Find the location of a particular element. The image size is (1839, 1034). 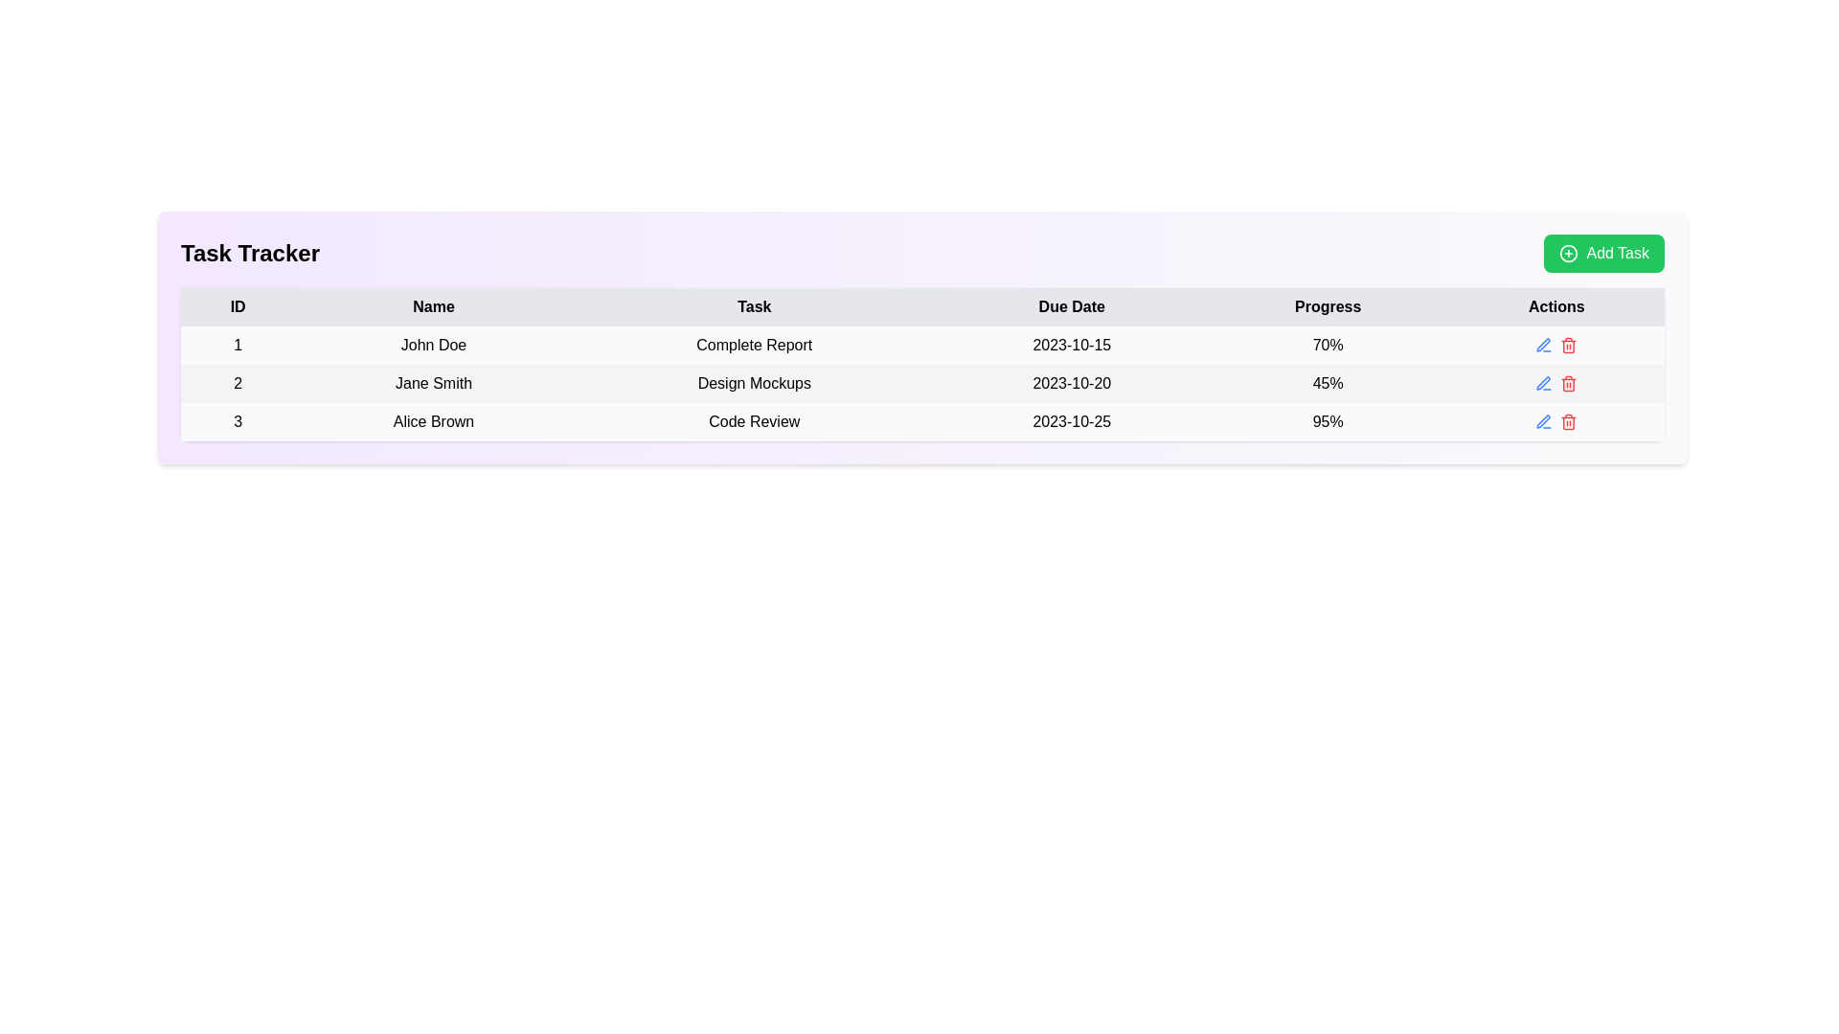

the green 'Add Task' button located at the top-right corner of the interface is located at coordinates (1604, 253).